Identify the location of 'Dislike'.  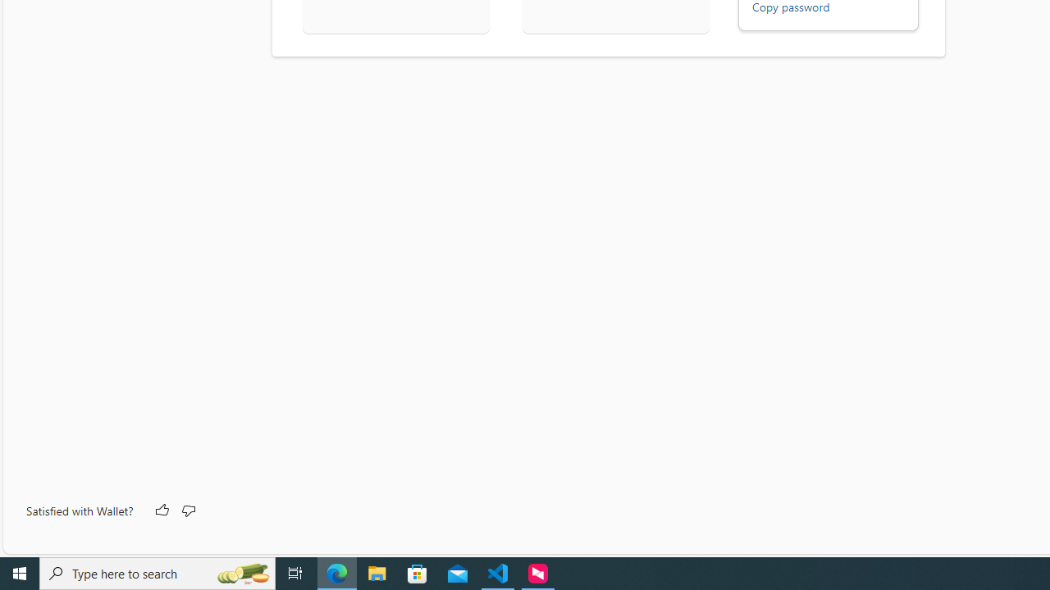
(188, 510).